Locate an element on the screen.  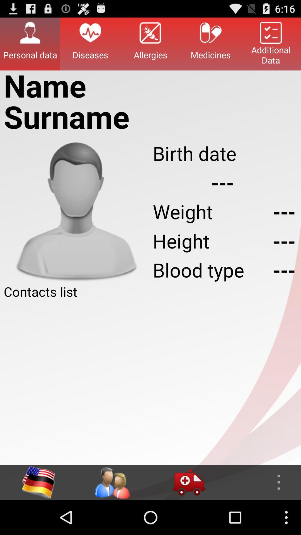
the icon next to medicines button is located at coordinates (151, 43).